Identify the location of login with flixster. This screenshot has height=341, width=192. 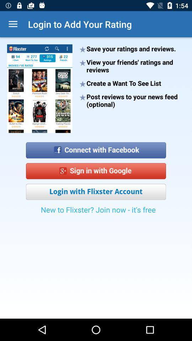
(96, 191).